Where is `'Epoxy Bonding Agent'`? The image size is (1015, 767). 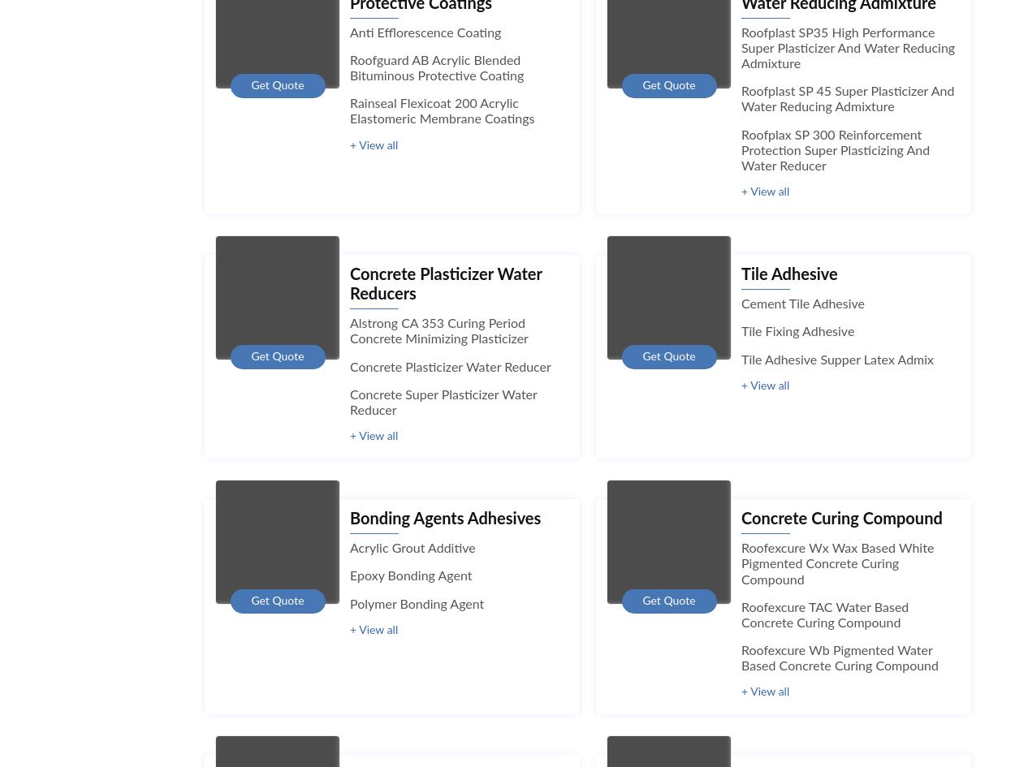
'Epoxy Bonding Agent' is located at coordinates (411, 575).